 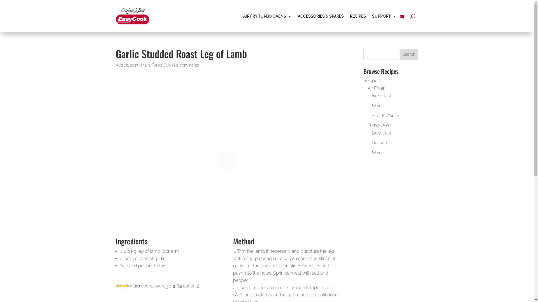 I want to click on 'Recipes', so click(x=371, y=81).